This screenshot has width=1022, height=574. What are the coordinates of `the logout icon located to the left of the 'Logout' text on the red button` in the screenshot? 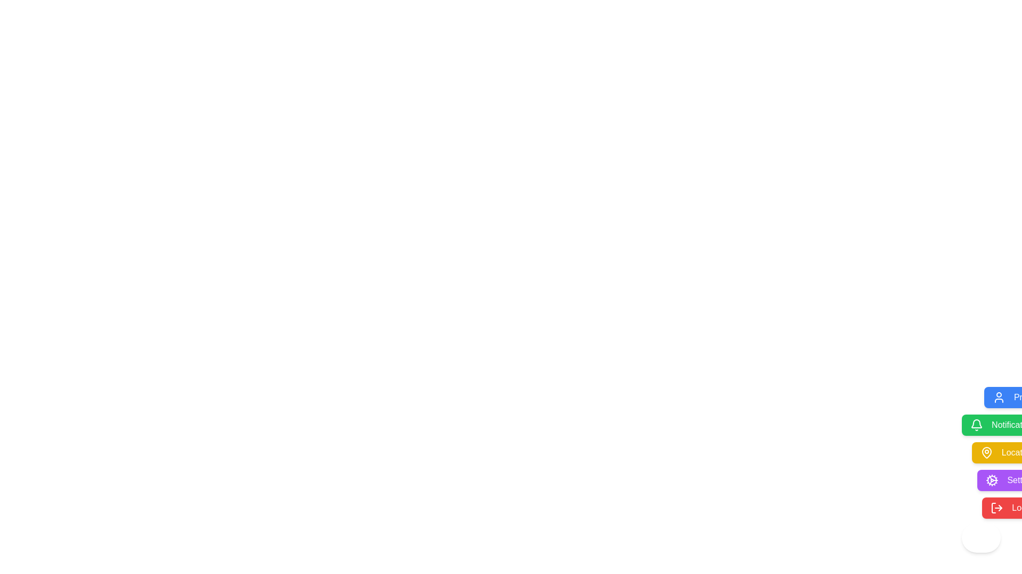 It's located at (996, 508).